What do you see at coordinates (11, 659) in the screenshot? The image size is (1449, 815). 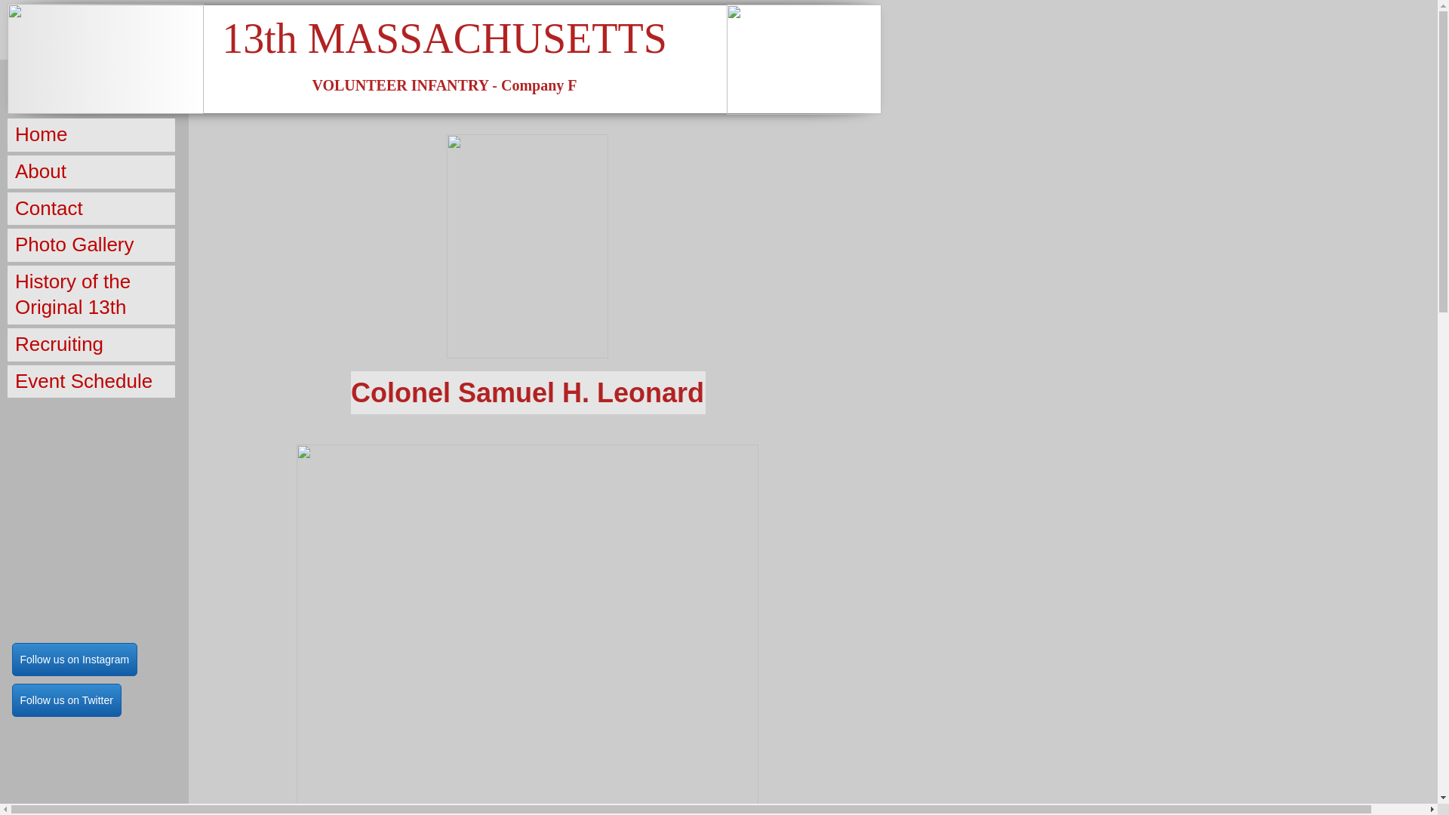 I see `'Follow us on Instagram'` at bounding box center [11, 659].